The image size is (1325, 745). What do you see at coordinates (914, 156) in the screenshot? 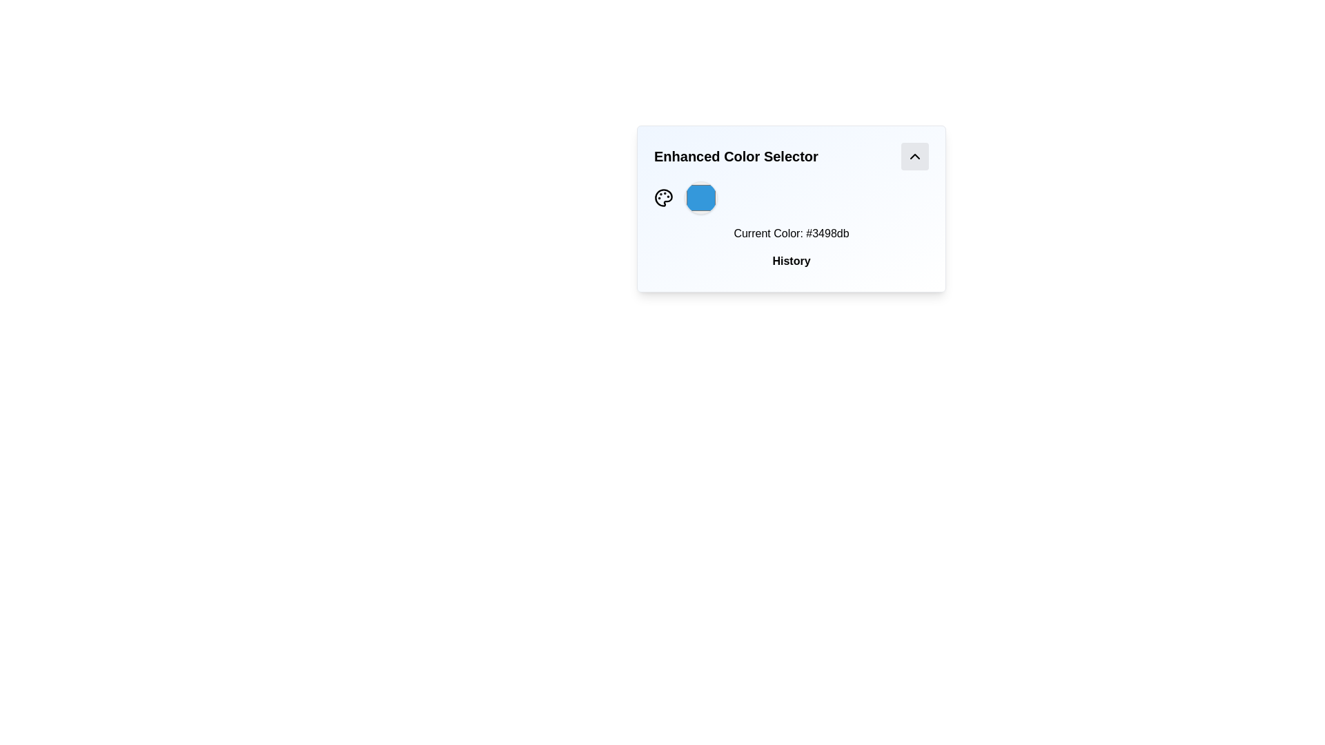
I see `the square button with a light gray background and an upward-pointing chevron icon located at the top-right corner of the 'Enhanced Color Selector' card` at bounding box center [914, 156].